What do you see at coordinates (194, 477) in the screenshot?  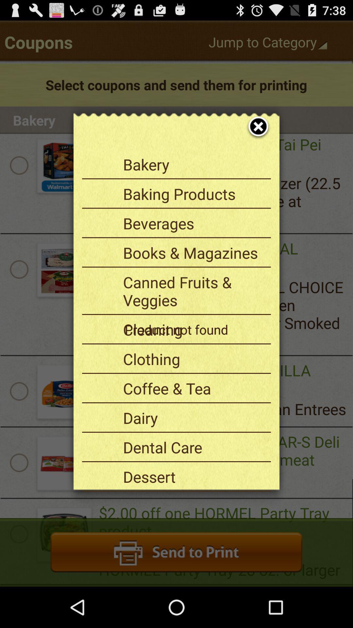 I see `the icon above the fruits & veggies item` at bounding box center [194, 477].